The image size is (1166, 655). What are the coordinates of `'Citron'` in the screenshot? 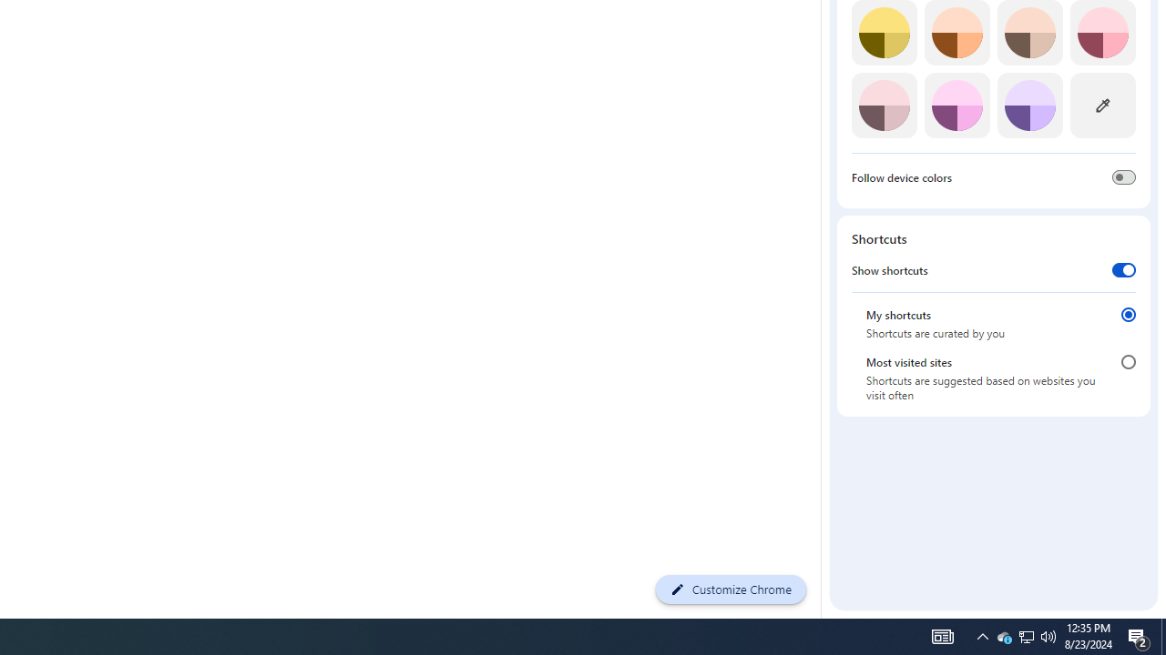 It's located at (884, 33).